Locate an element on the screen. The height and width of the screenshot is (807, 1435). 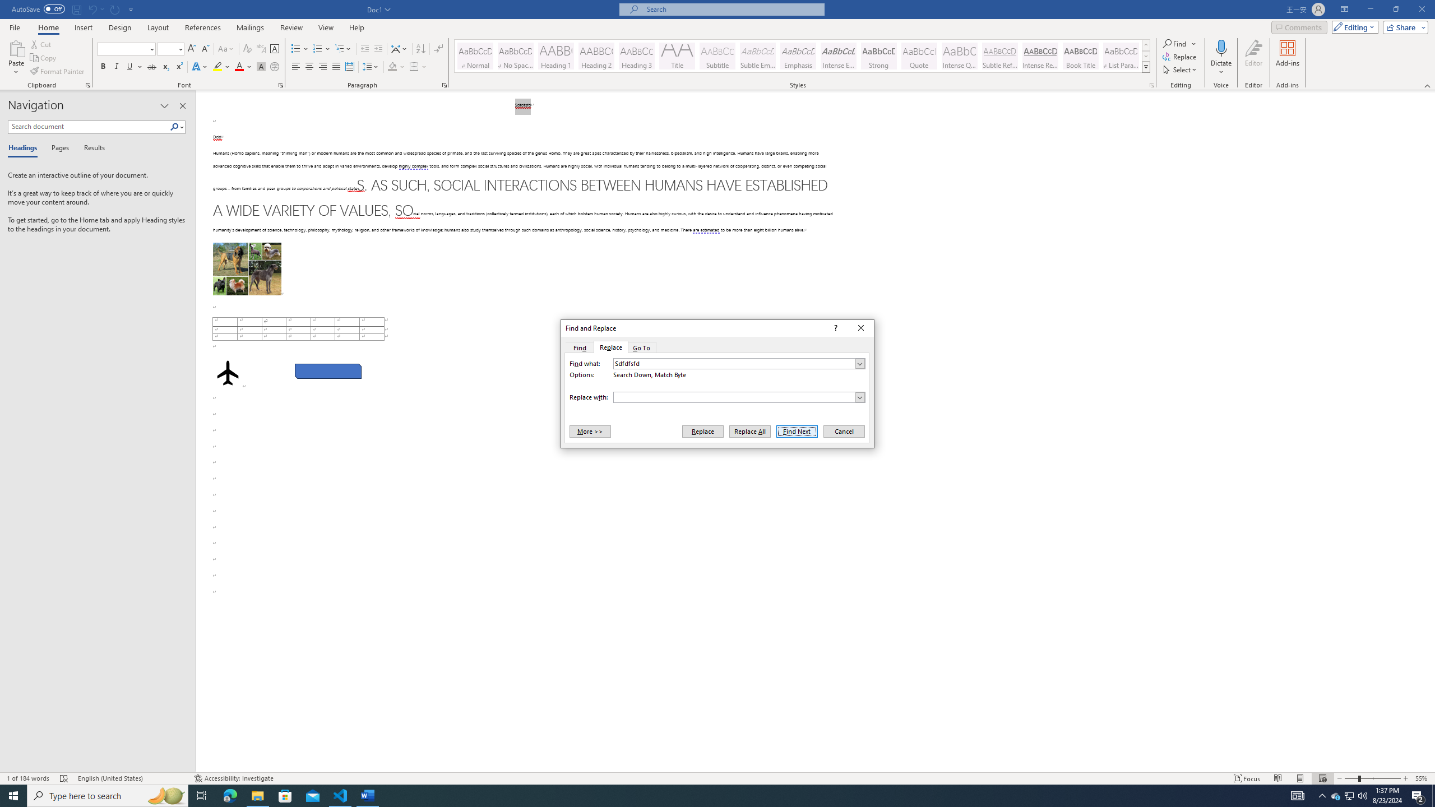
'Office Clipboard...' is located at coordinates (87, 84).